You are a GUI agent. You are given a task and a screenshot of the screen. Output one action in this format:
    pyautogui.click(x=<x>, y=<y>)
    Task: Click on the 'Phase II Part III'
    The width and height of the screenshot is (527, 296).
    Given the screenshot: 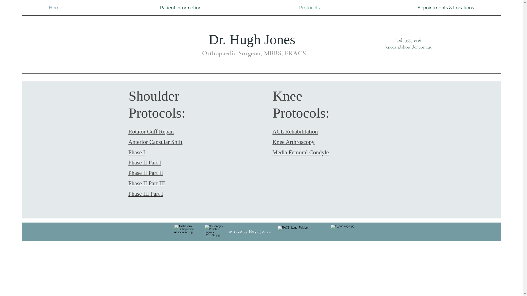 What is the action you would take?
    pyautogui.click(x=147, y=183)
    